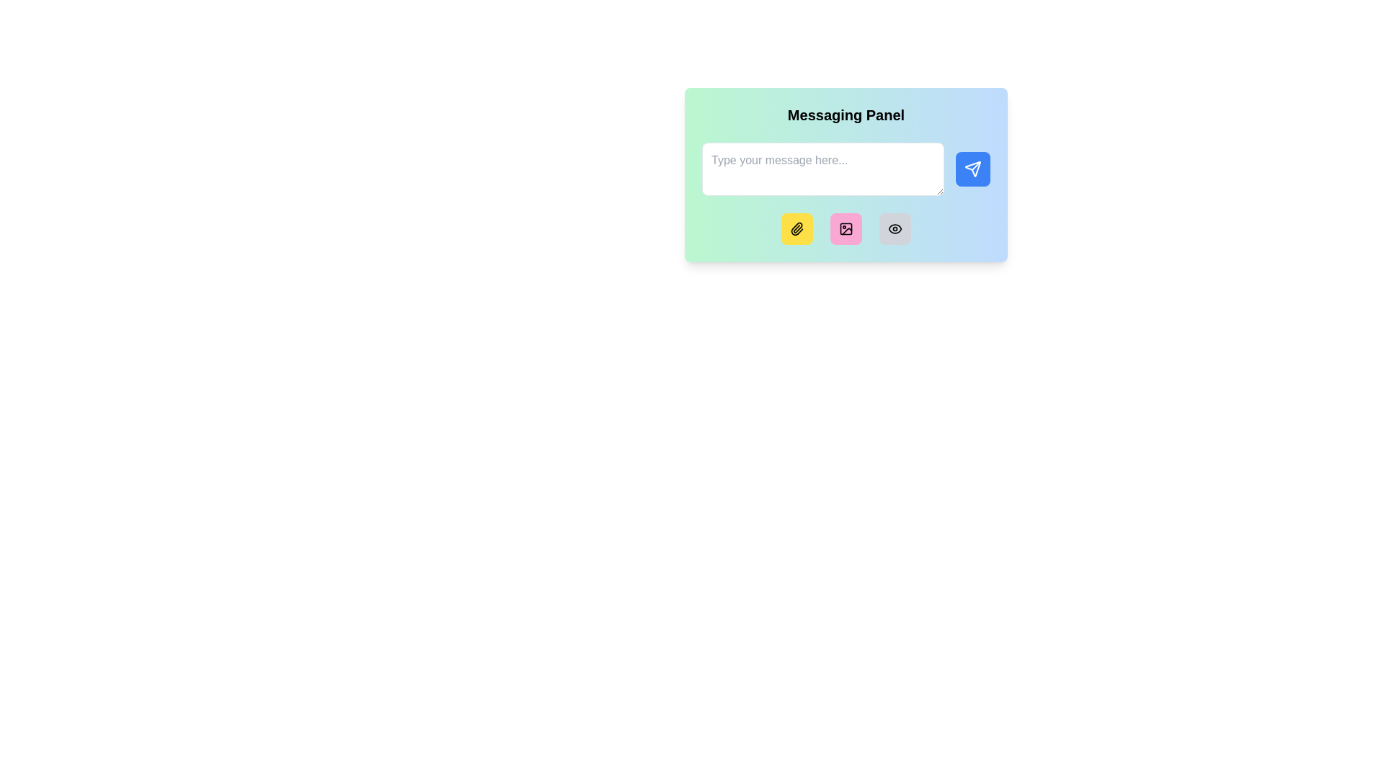 The image size is (1384, 778). What do you see at coordinates (796, 228) in the screenshot?
I see `the left-most icon in the row of action icons below the message input field to attach items or documents` at bounding box center [796, 228].